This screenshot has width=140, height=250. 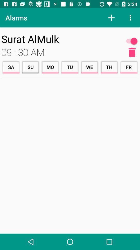 I want to click on the icon next to the mo item, so click(x=31, y=67).